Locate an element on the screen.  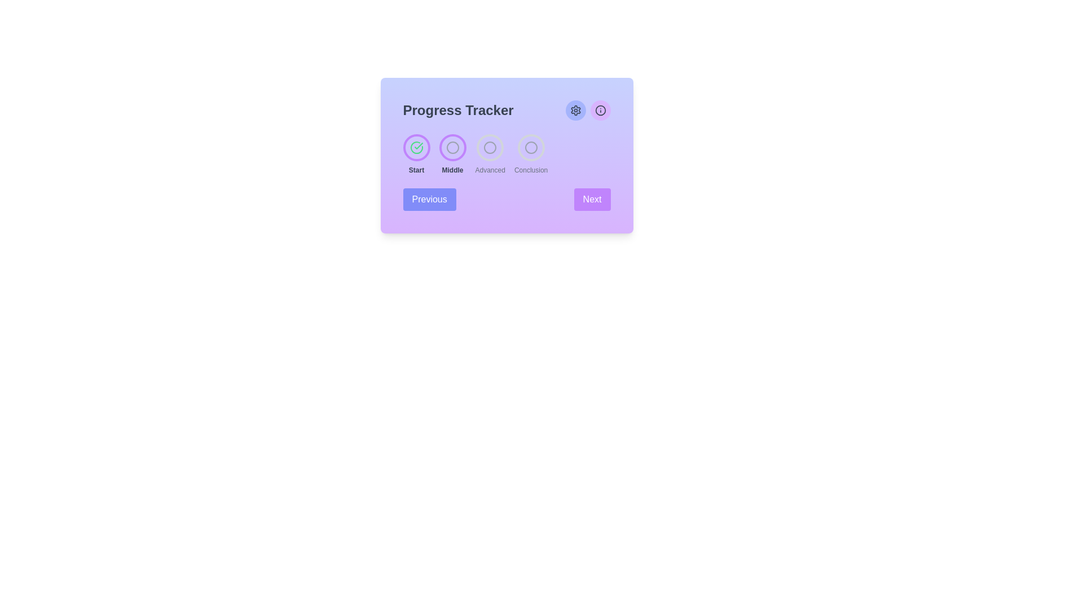
the circular purple button with an 'i' icon located in the top-right corner of the card interface is located at coordinates (600, 111).